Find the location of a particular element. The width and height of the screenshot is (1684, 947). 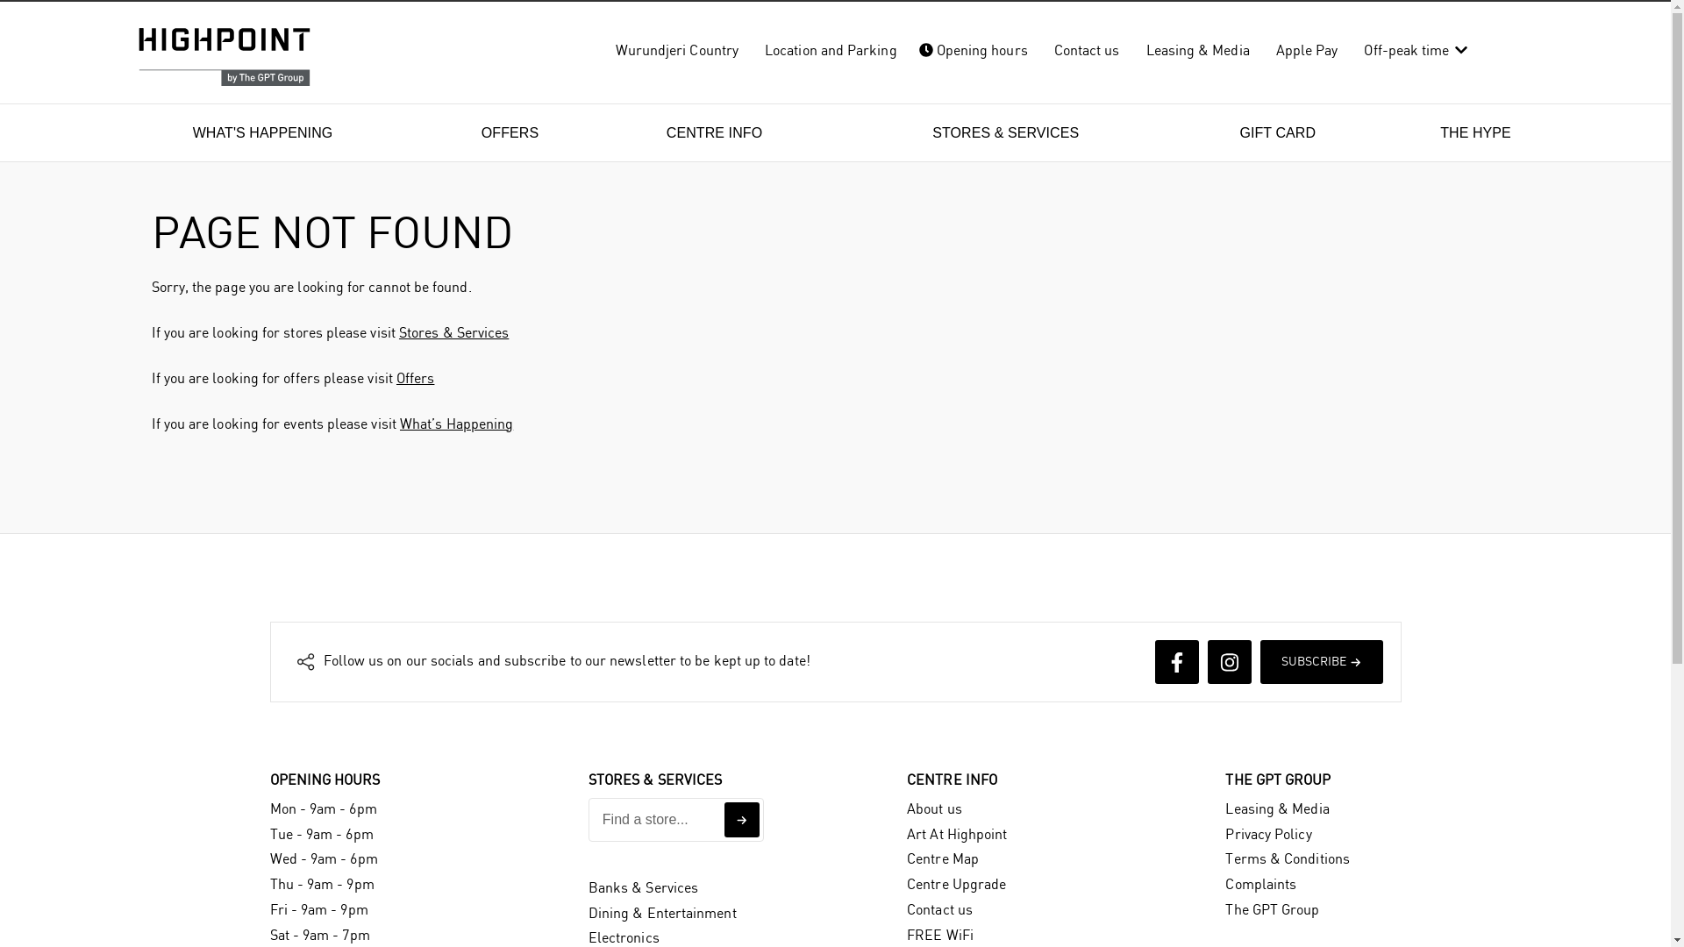

'Location and Parking' is located at coordinates (830, 50).